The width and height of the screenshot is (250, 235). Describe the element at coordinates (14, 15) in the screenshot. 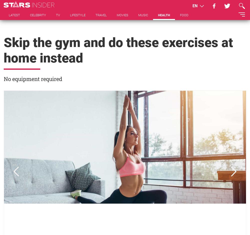

I see `'LATEST'` at that location.